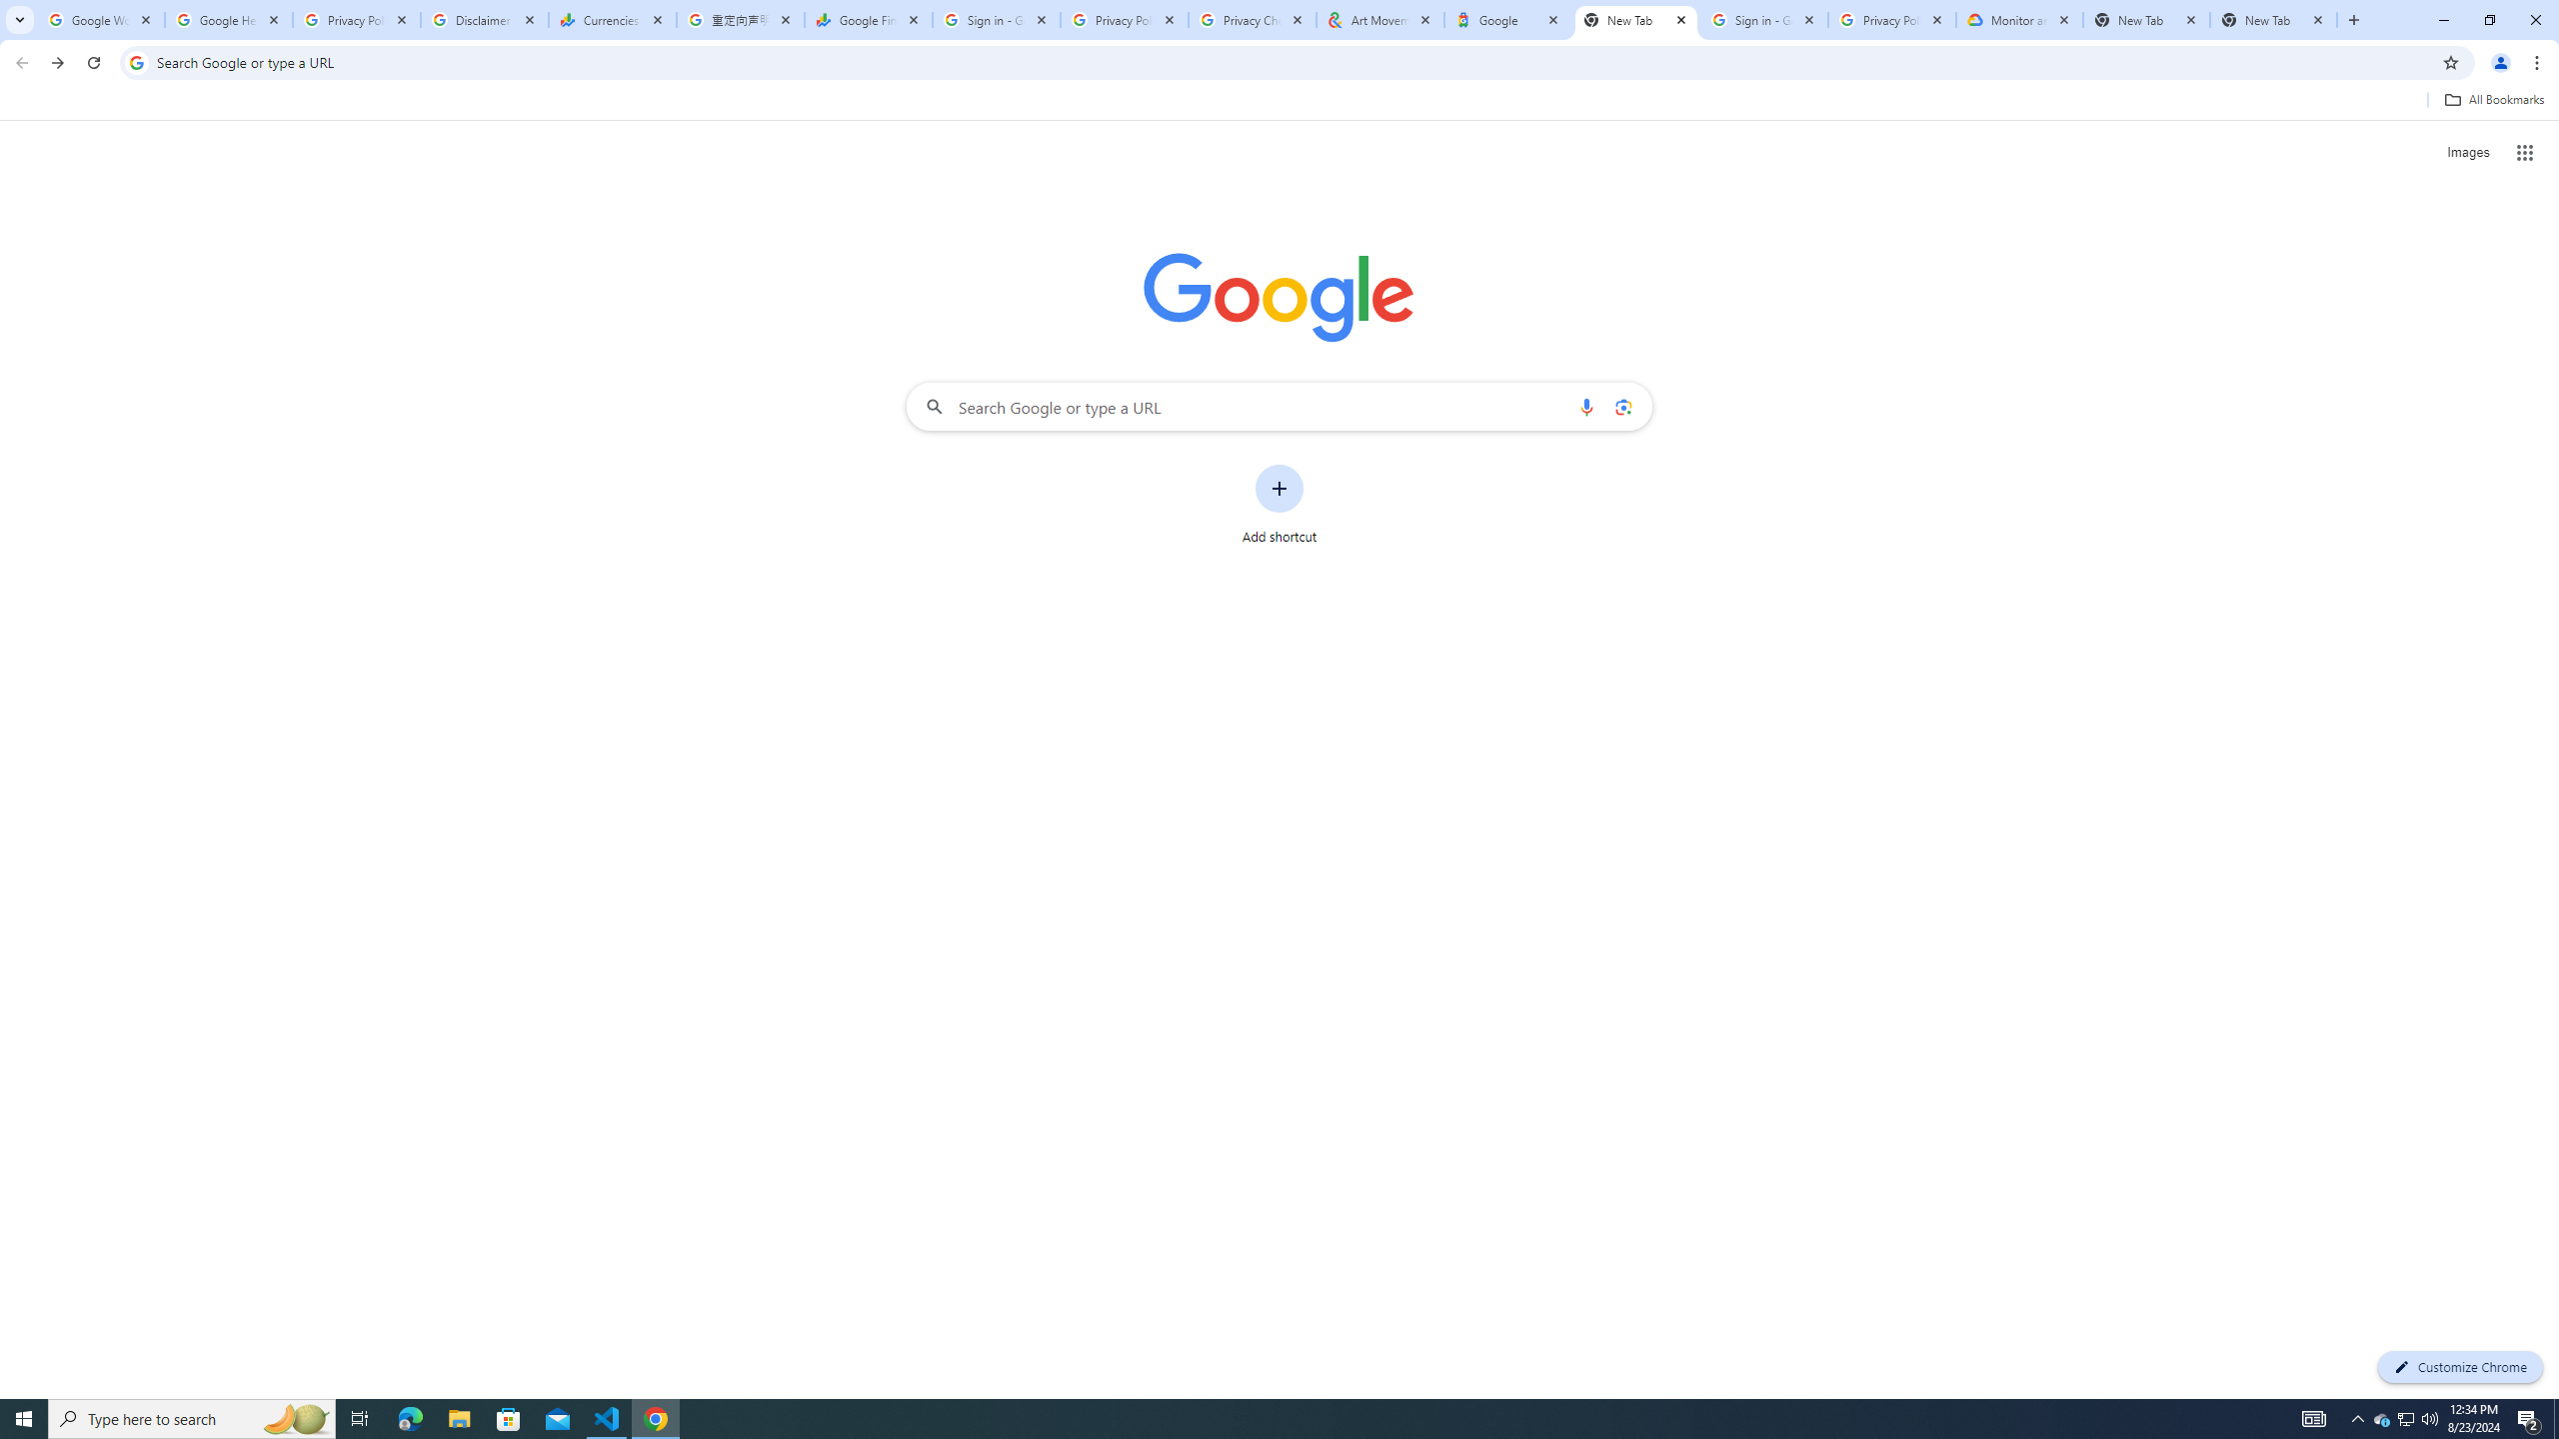  What do you see at coordinates (135, 61) in the screenshot?
I see `'Search icon'` at bounding box center [135, 61].